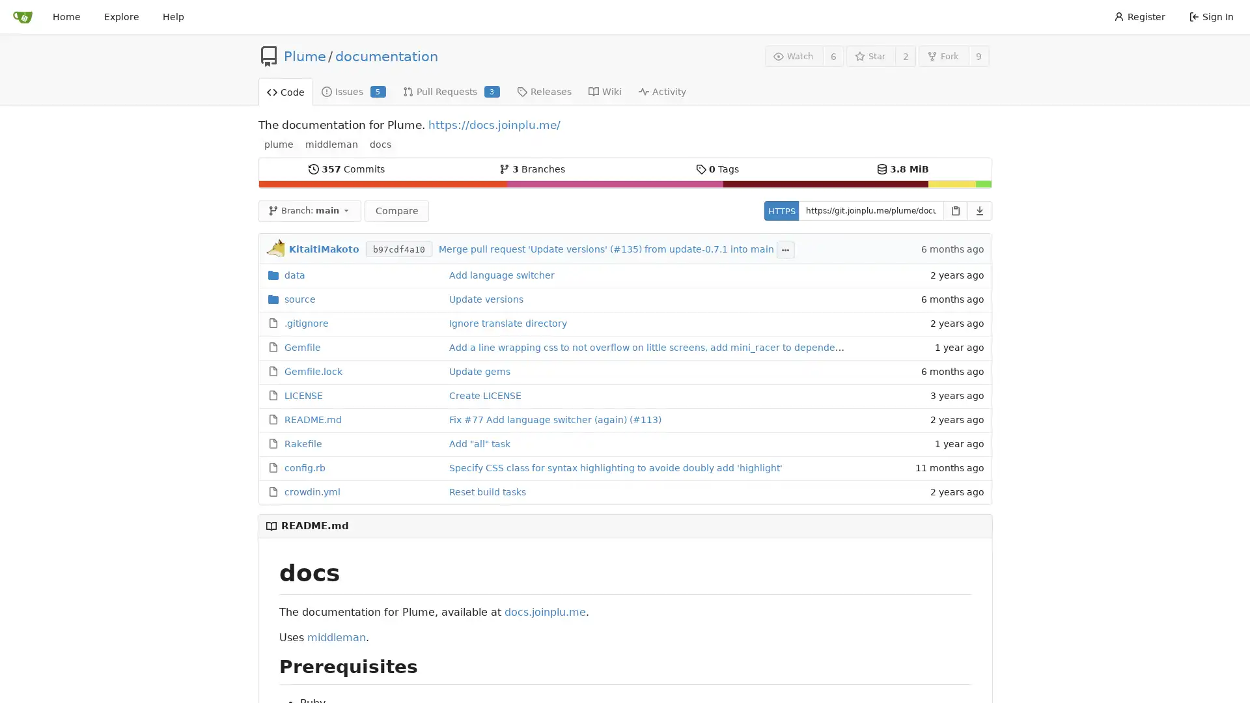 The image size is (1250, 703). I want to click on Watch, so click(793, 55).